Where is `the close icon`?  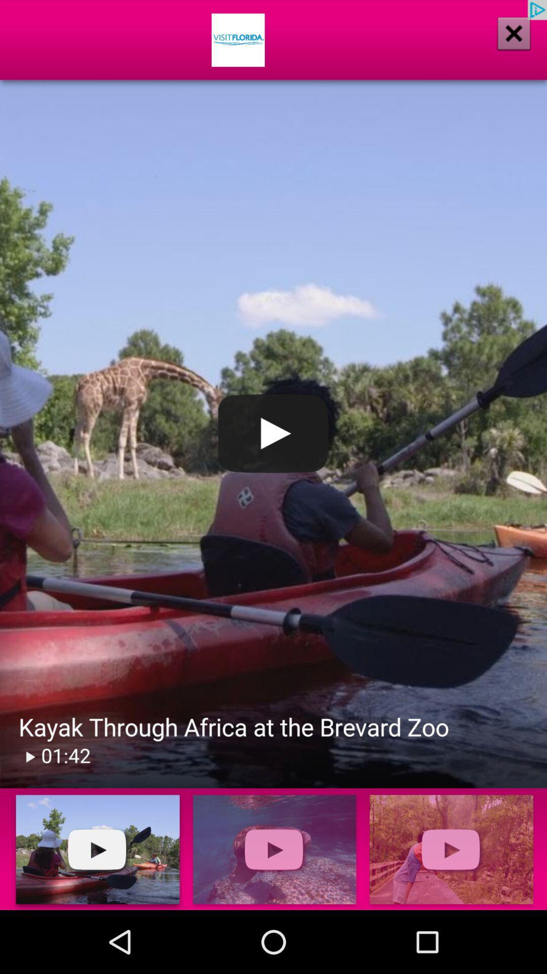 the close icon is located at coordinates (514, 36).